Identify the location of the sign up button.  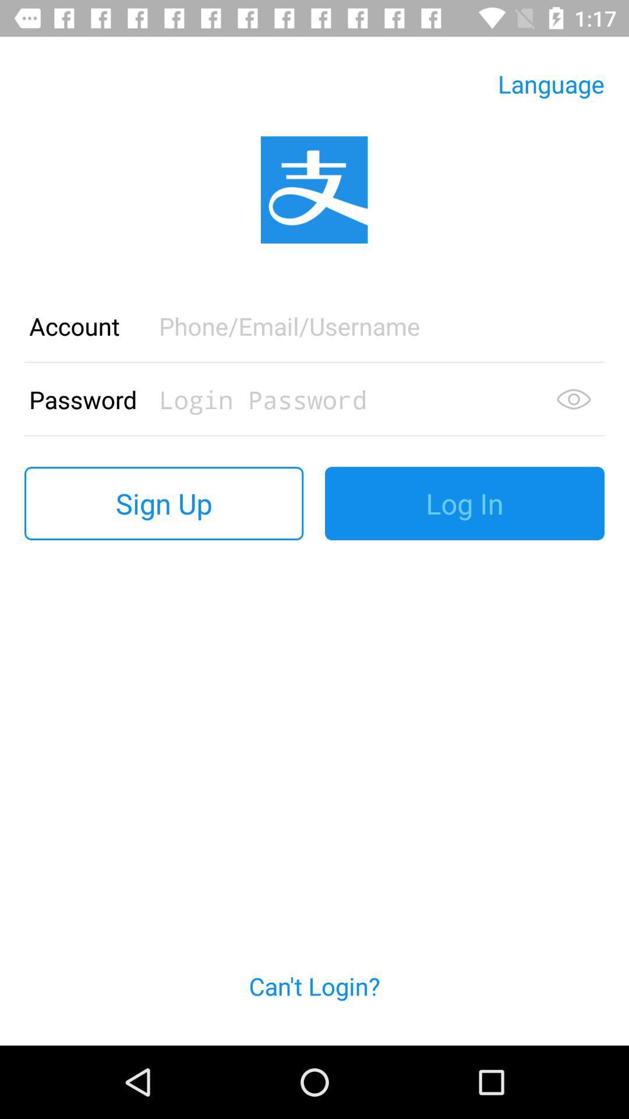
(164, 504).